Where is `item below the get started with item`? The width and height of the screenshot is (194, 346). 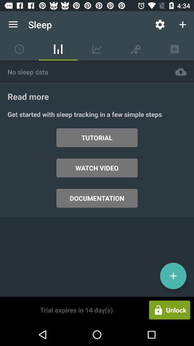 item below the get started with item is located at coordinates (173, 275).